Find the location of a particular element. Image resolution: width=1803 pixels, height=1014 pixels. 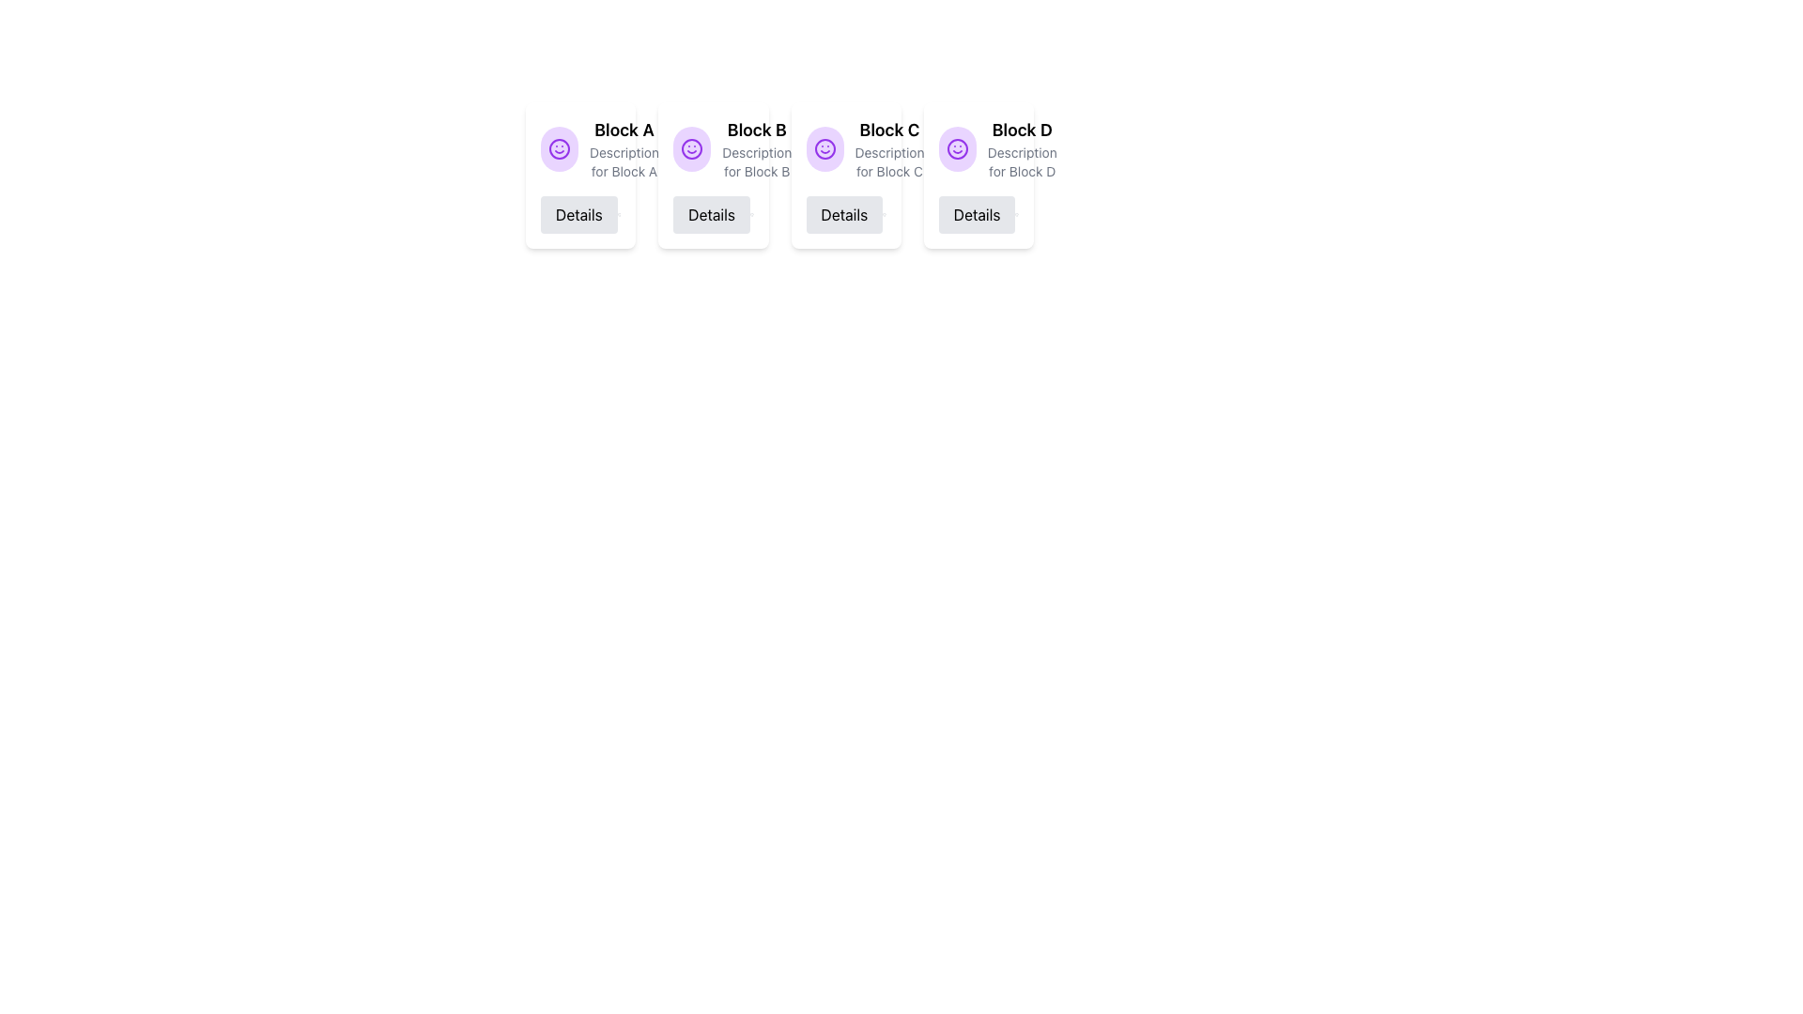

the static text display located directly below the bold title 'Block A', which is part of a horizontal arrangement of blocks is located at coordinates (624, 161).